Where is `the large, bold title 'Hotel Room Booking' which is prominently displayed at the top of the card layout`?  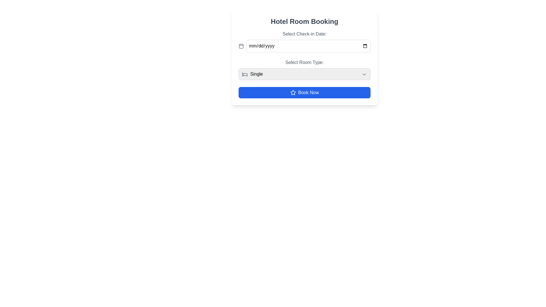
the large, bold title 'Hotel Room Booking' which is prominently displayed at the top of the card layout is located at coordinates (304, 21).